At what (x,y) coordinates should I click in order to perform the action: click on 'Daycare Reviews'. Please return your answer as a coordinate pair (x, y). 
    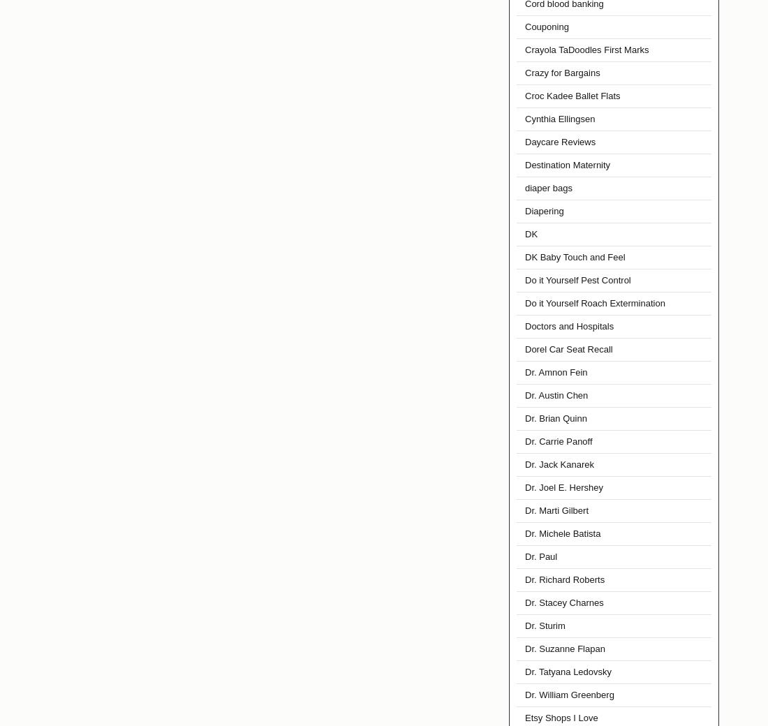
    Looking at the image, I should click on (524, 142).